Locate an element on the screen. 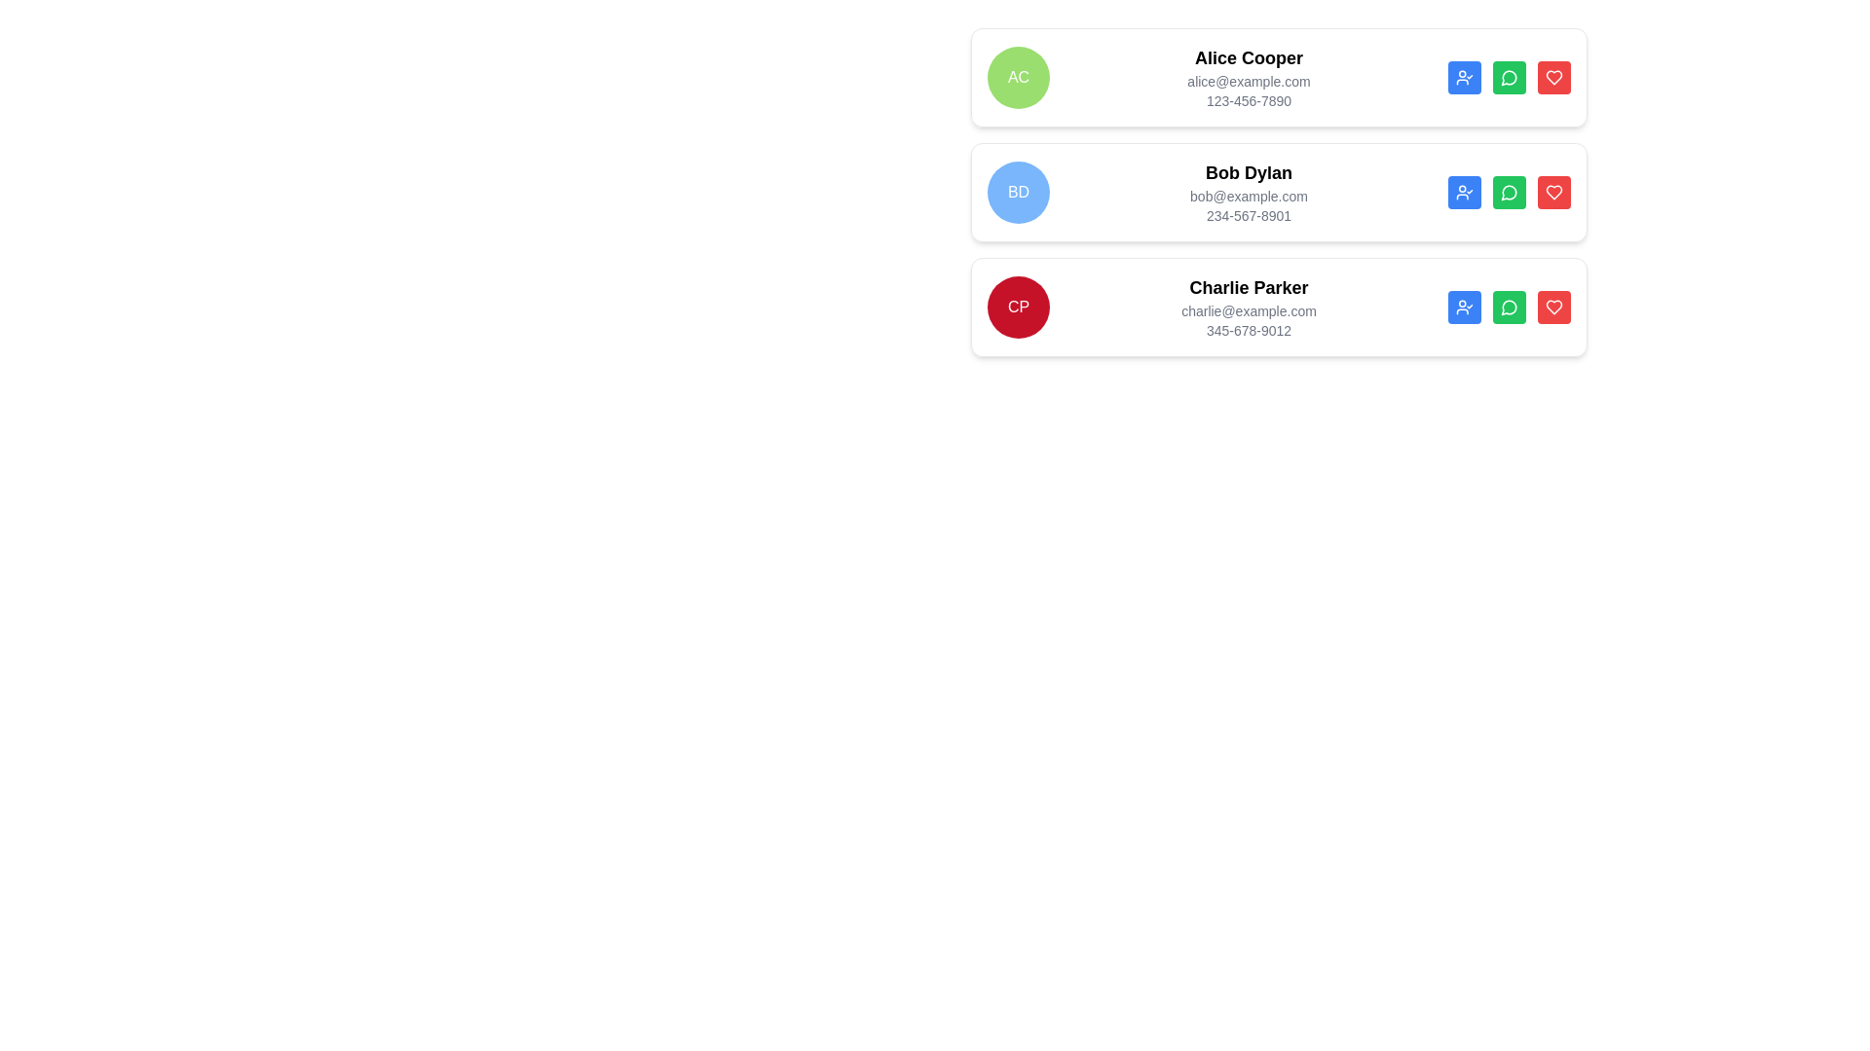 This screenshot has width=1870, height=1051. the circular green icon with a white outline representing chat functionality, located in the second user entry row for 'Bob Dylan' to initiate a chat action is located at coordinates (1509, 192).